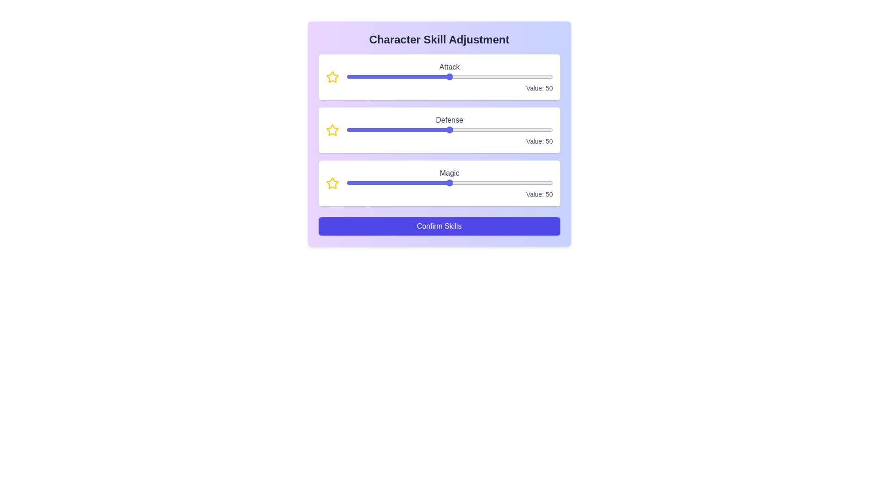 The image size is (879, 494). Describe the element at coordinates (505, 76) in the screenshot. I see `the 0 slider to 54` at that location.